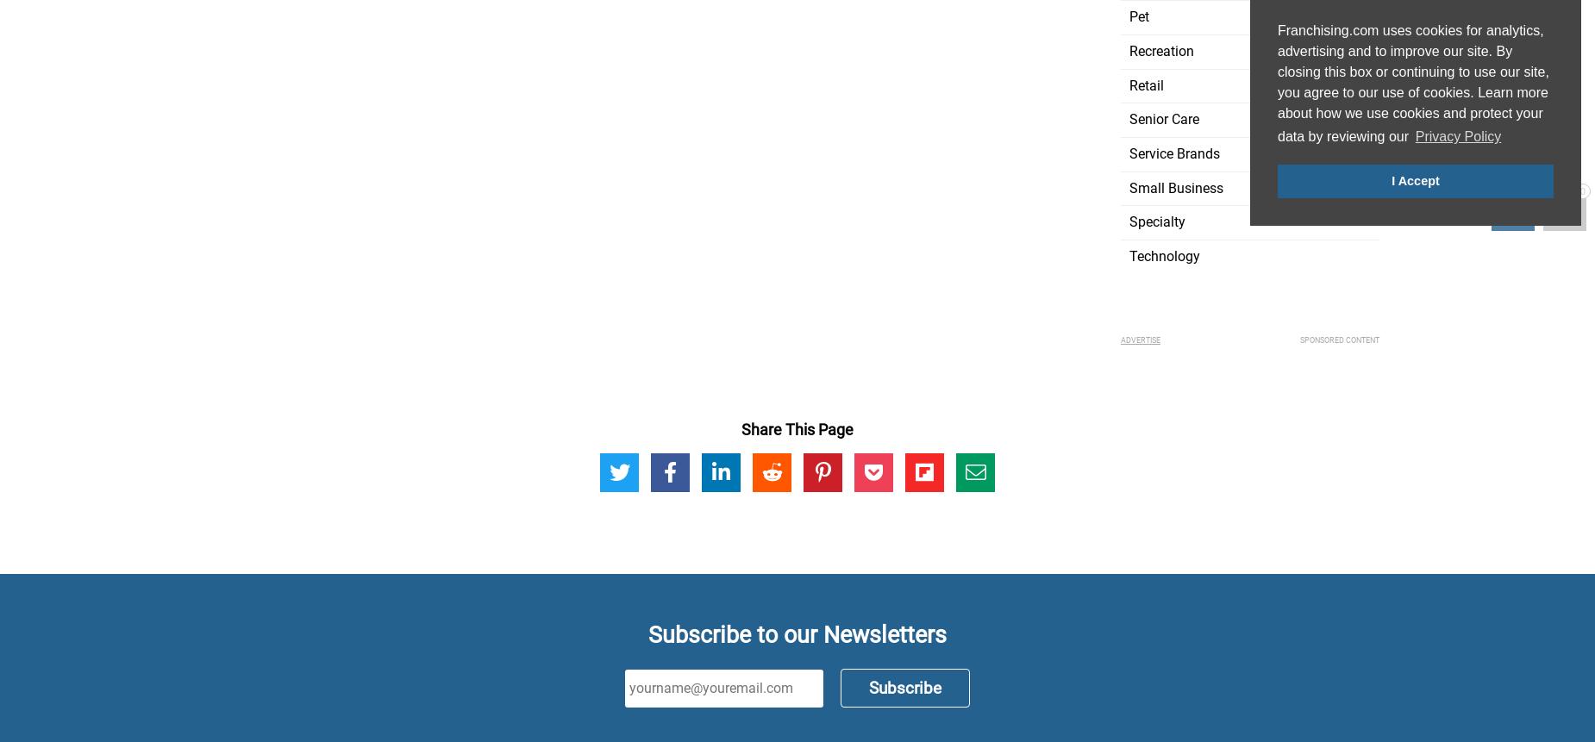  Describe the element at coordinates (1160, 51) in the screenshot. I see `'Recreation'` at that location.